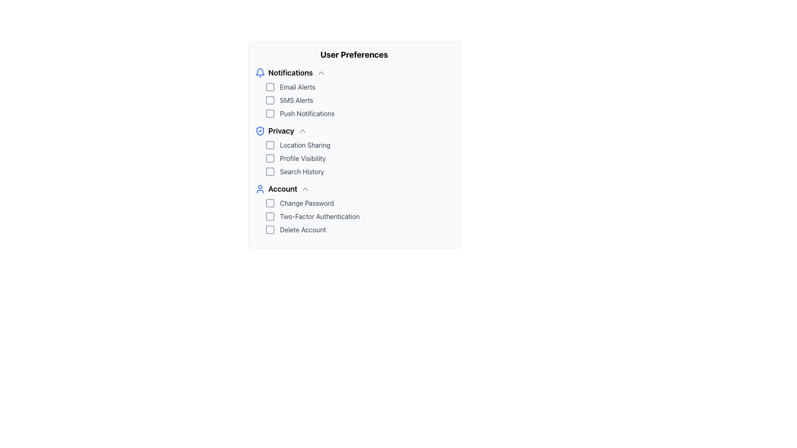 The image size is (797, 448). Describe the element at coordinates (305, 189) in the screenshot. I see `the dropdown toggle button located to the far right of the 'Account' text and icon` at that location.